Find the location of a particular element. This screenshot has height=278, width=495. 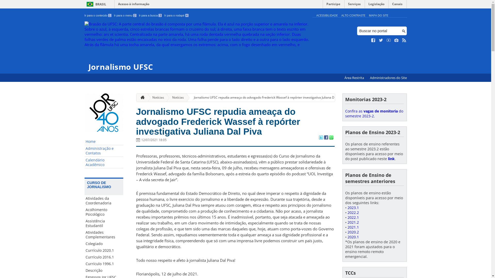

'Atividades da Coordenadoria' is located at coordinates (104, 200).